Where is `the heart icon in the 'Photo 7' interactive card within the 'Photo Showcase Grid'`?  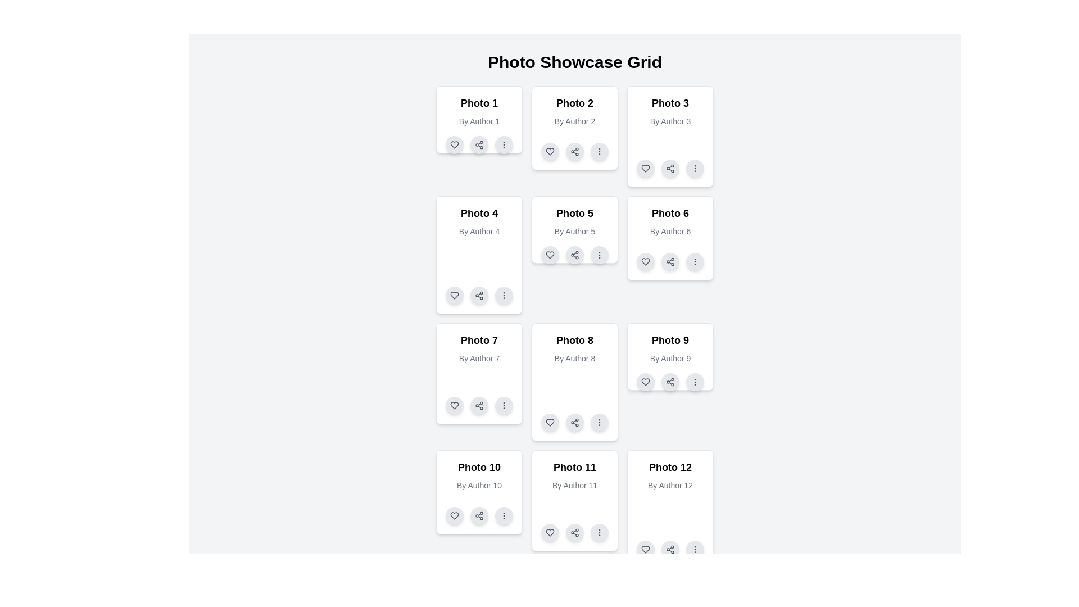
the heart icon in the 'Photo 7' interactive card within the 'Photo Showcase Grid' is located at coordinates (455, 405).